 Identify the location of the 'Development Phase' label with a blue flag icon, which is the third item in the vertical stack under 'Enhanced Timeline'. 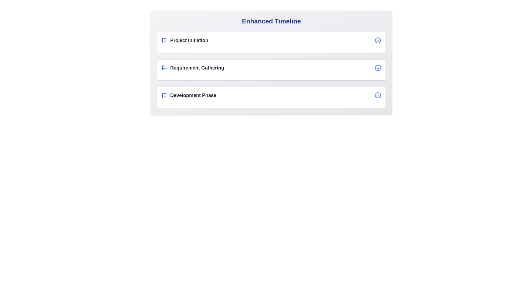
(189, 95).